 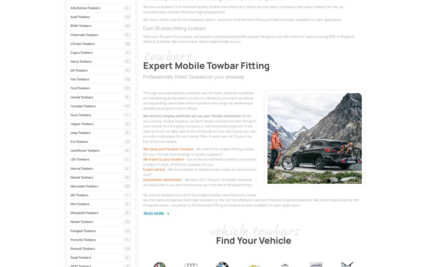 What do you see at coordinates (81, 52) in the screenshot?
I see `'Cupra Towbars'` at bounding box center [81, 52].